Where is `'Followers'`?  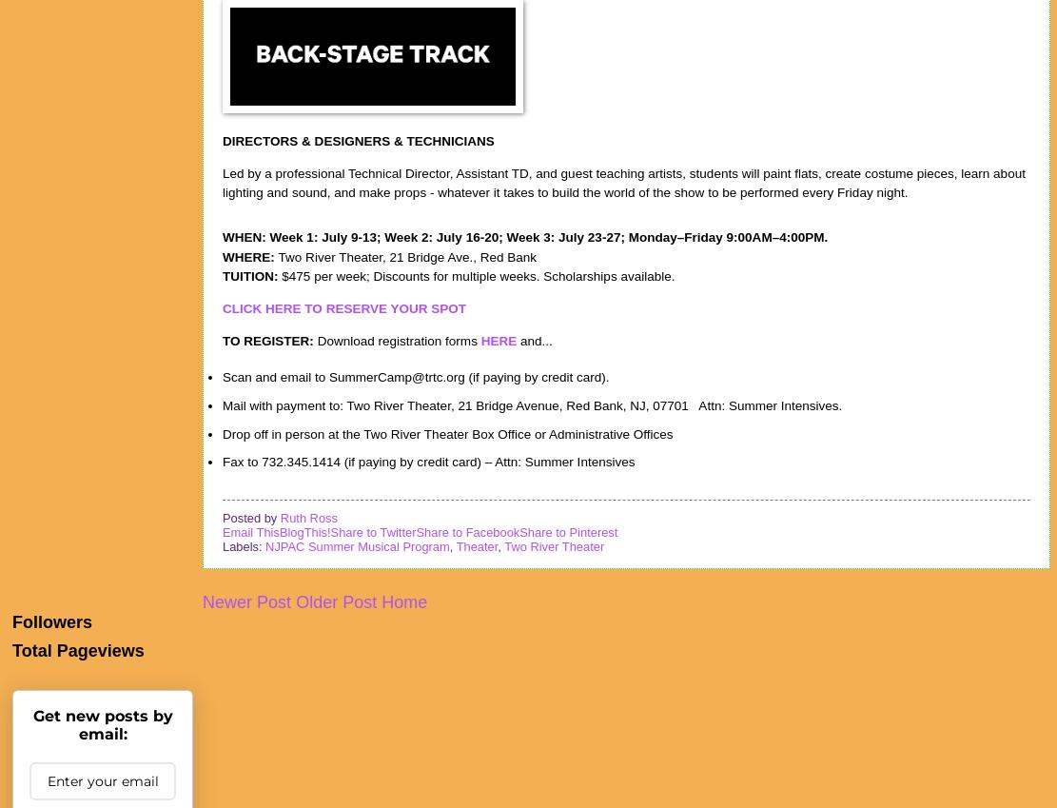 'Followers' is located at coordinates (51, 621).